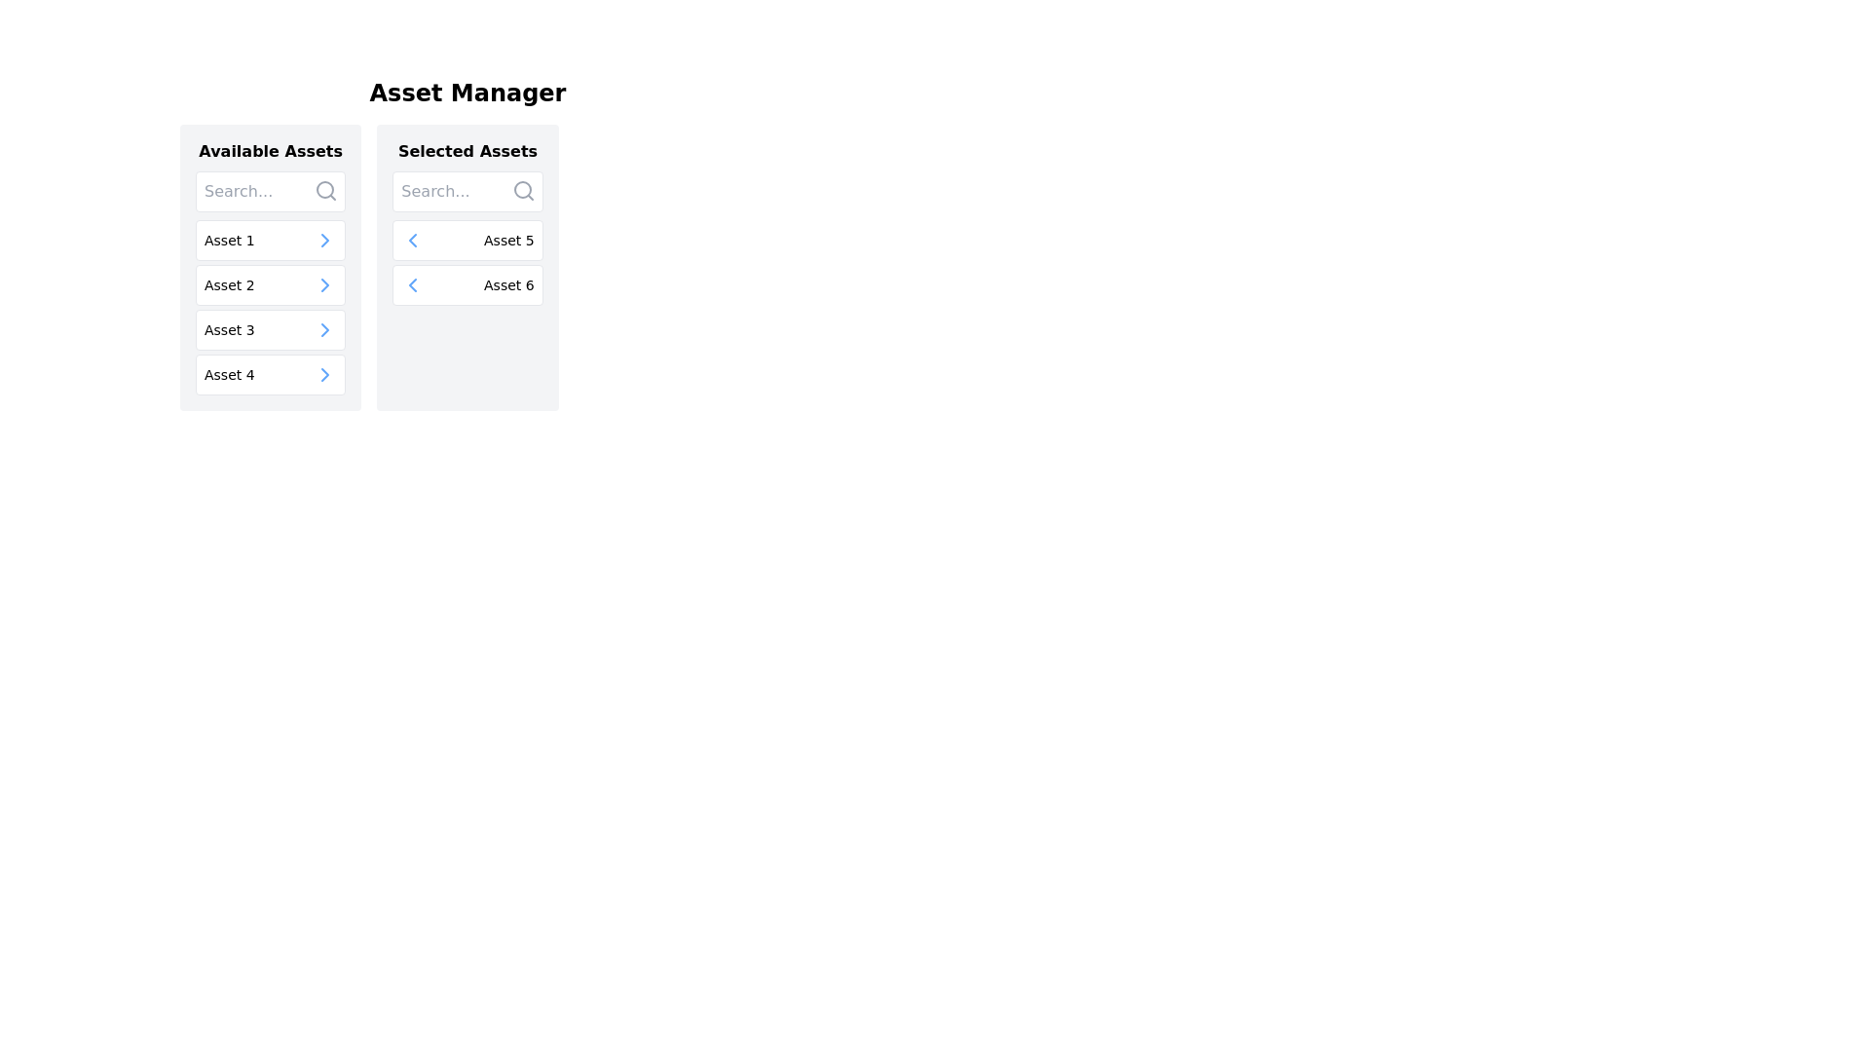 The image size is (1870, 1052). I want to click on the chevron button located at the right end of the list item labeled 'Asset 2' in the 'Available Assets' column, so click(325, 285).